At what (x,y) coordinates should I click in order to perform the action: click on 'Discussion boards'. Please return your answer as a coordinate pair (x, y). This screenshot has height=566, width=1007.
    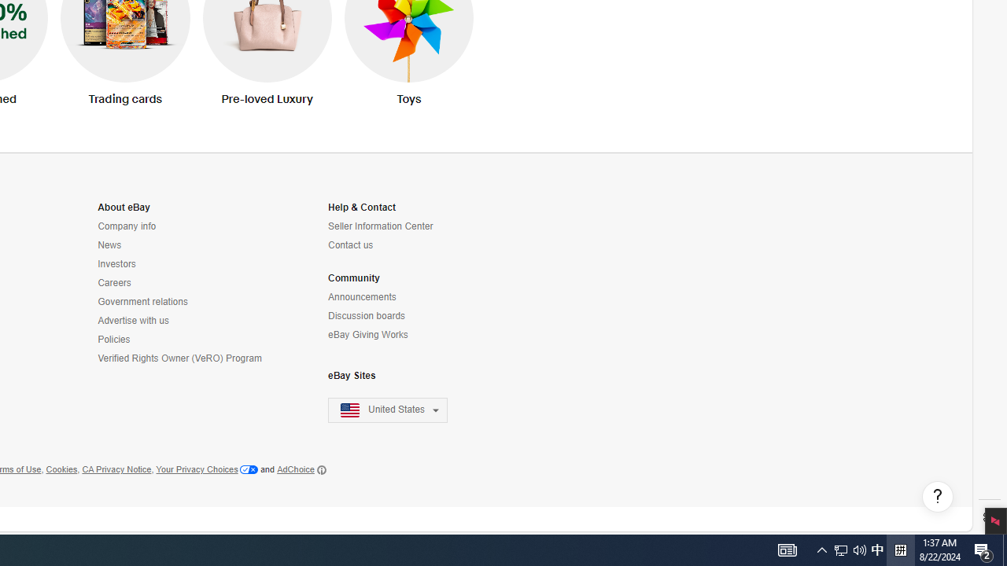
    Looking at the image, I should click on (366, 316).